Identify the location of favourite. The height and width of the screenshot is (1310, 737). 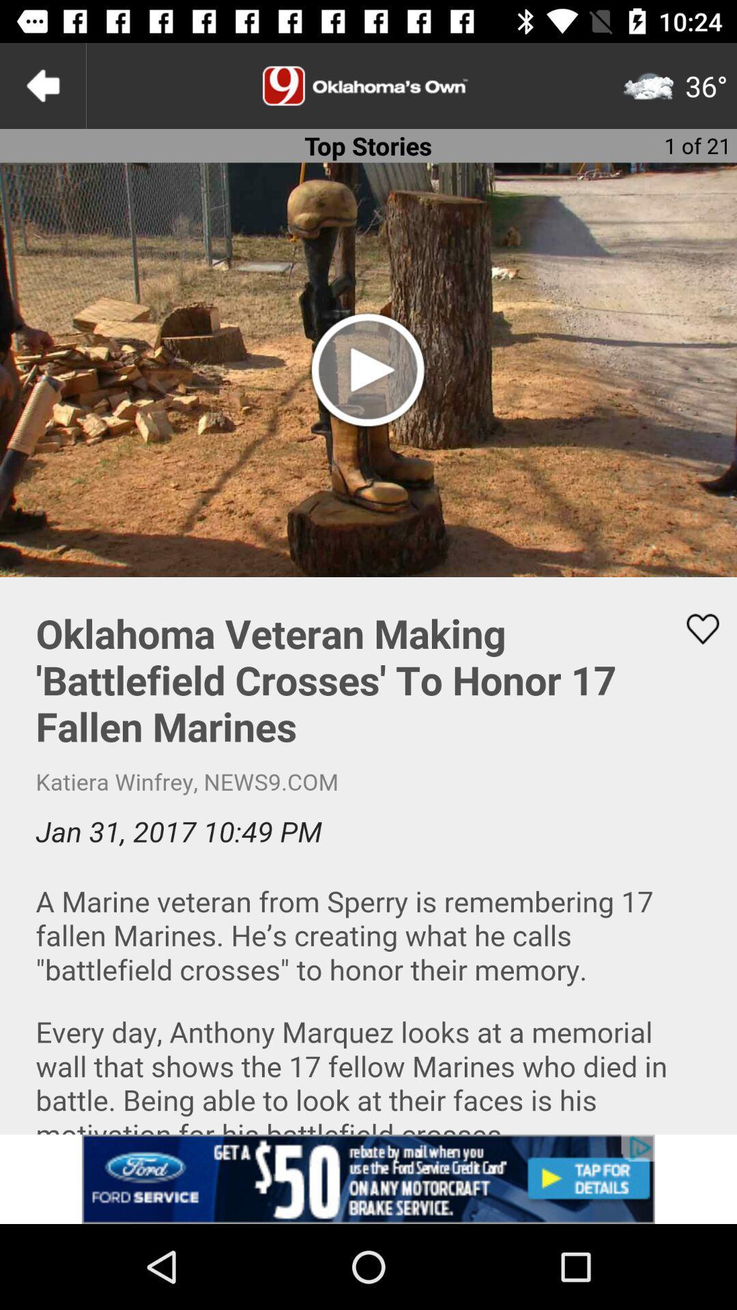
(694, 628).